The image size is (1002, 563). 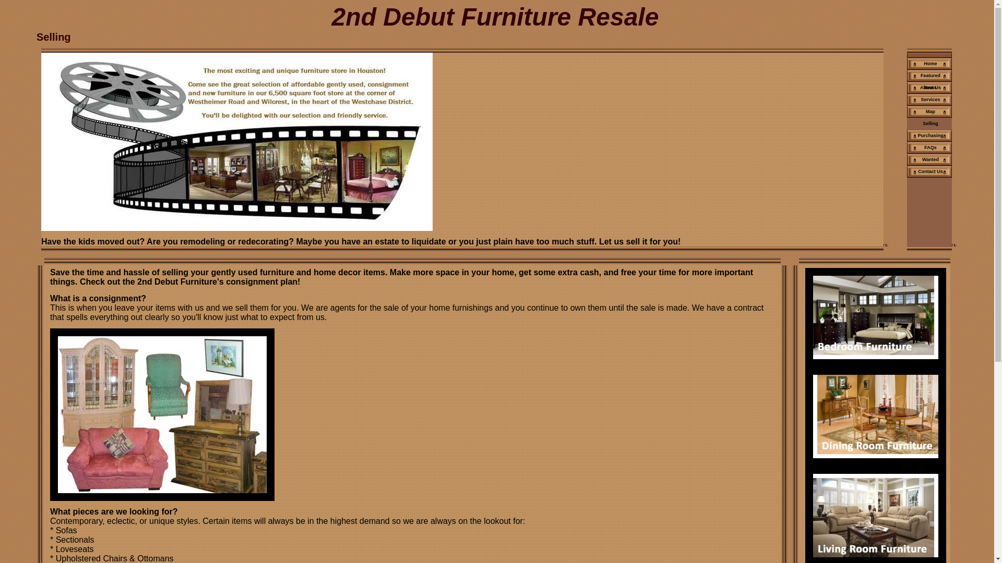 What do you see at coordinates (929, 75) in the screenshot?
I see `'Featured Items'` at bounding box center [929, 75].